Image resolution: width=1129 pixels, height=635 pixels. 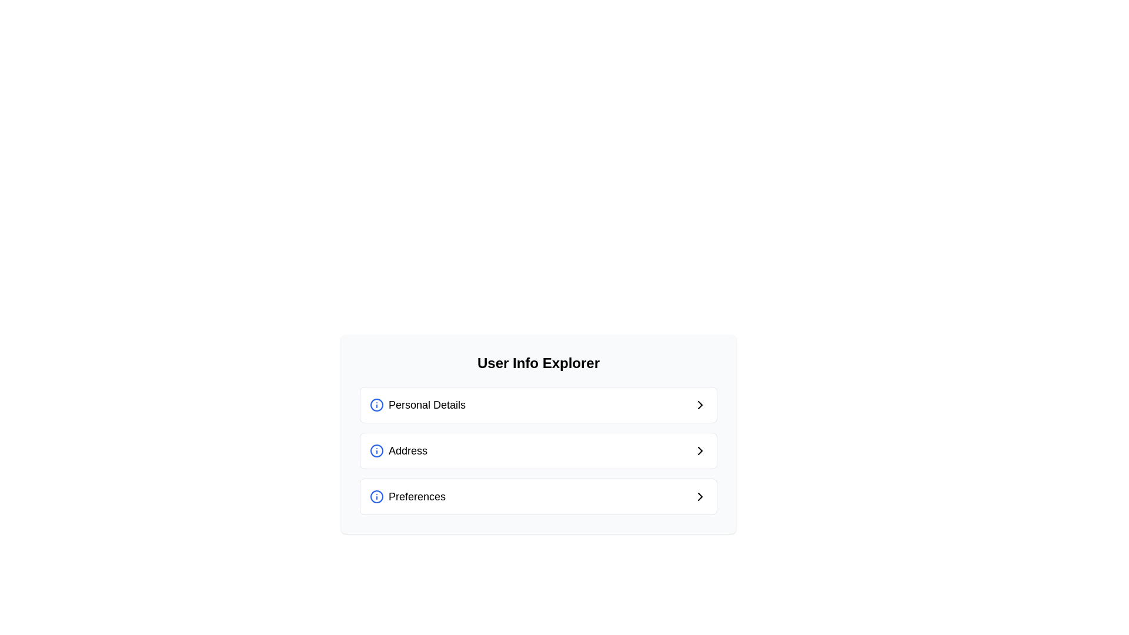 I want to click on the Vector icon located on the far right of the 'Personal Details' section within the 'User Info Explorer' card interface, which indicates that this section is selectable or expandable, so click(x=700, y=405).